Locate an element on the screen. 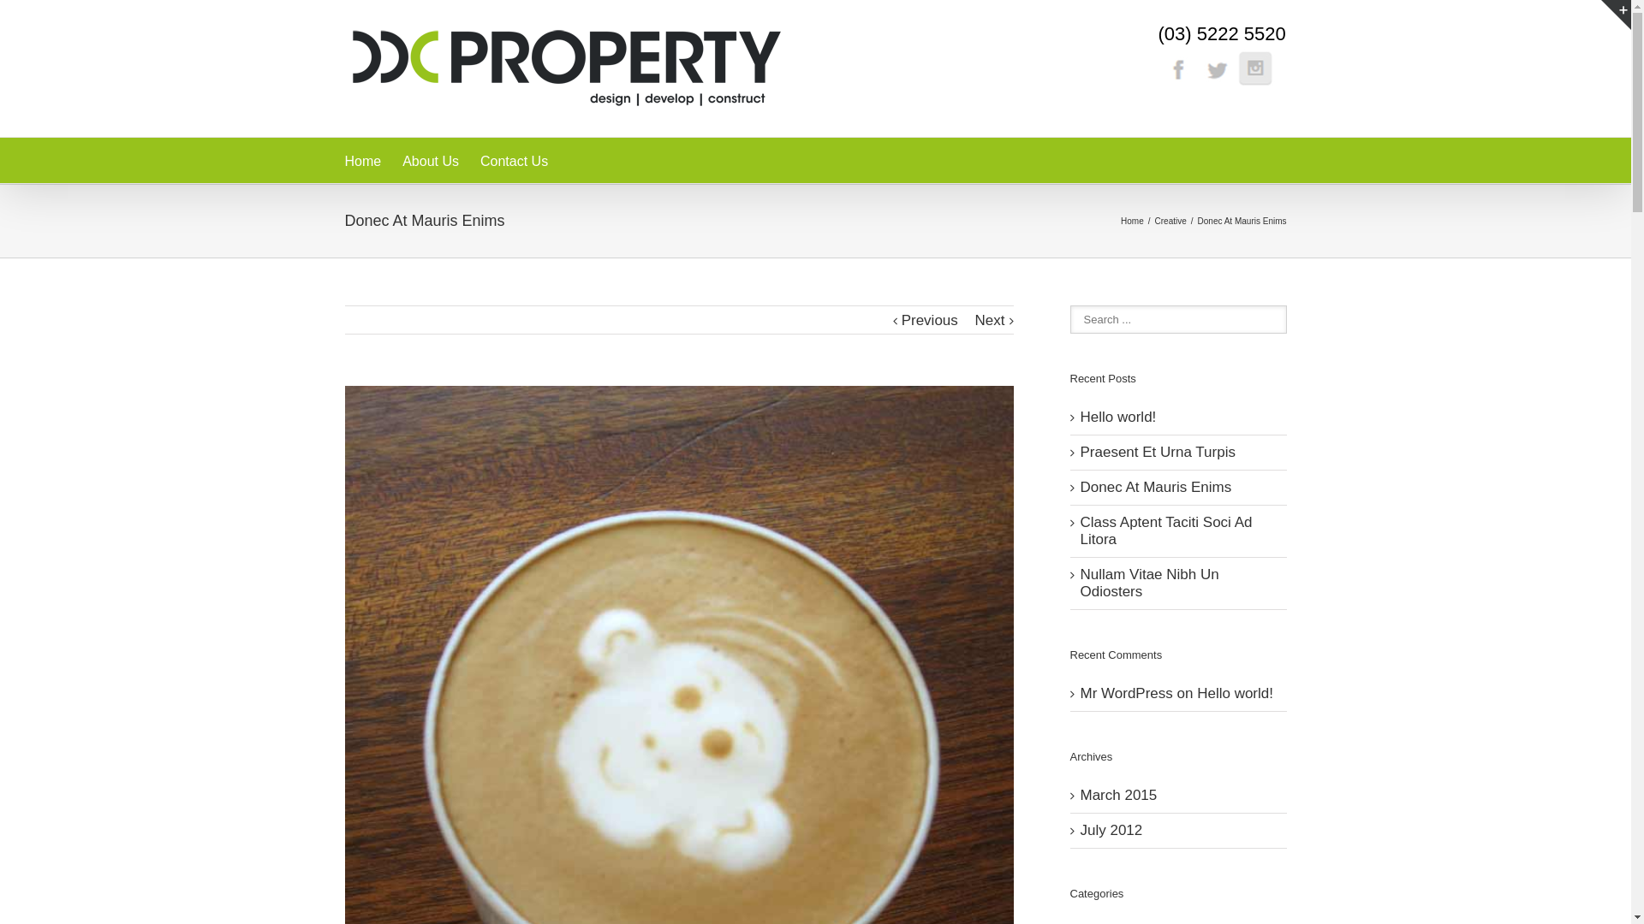  'Next' is located at coordinates (990, 320).